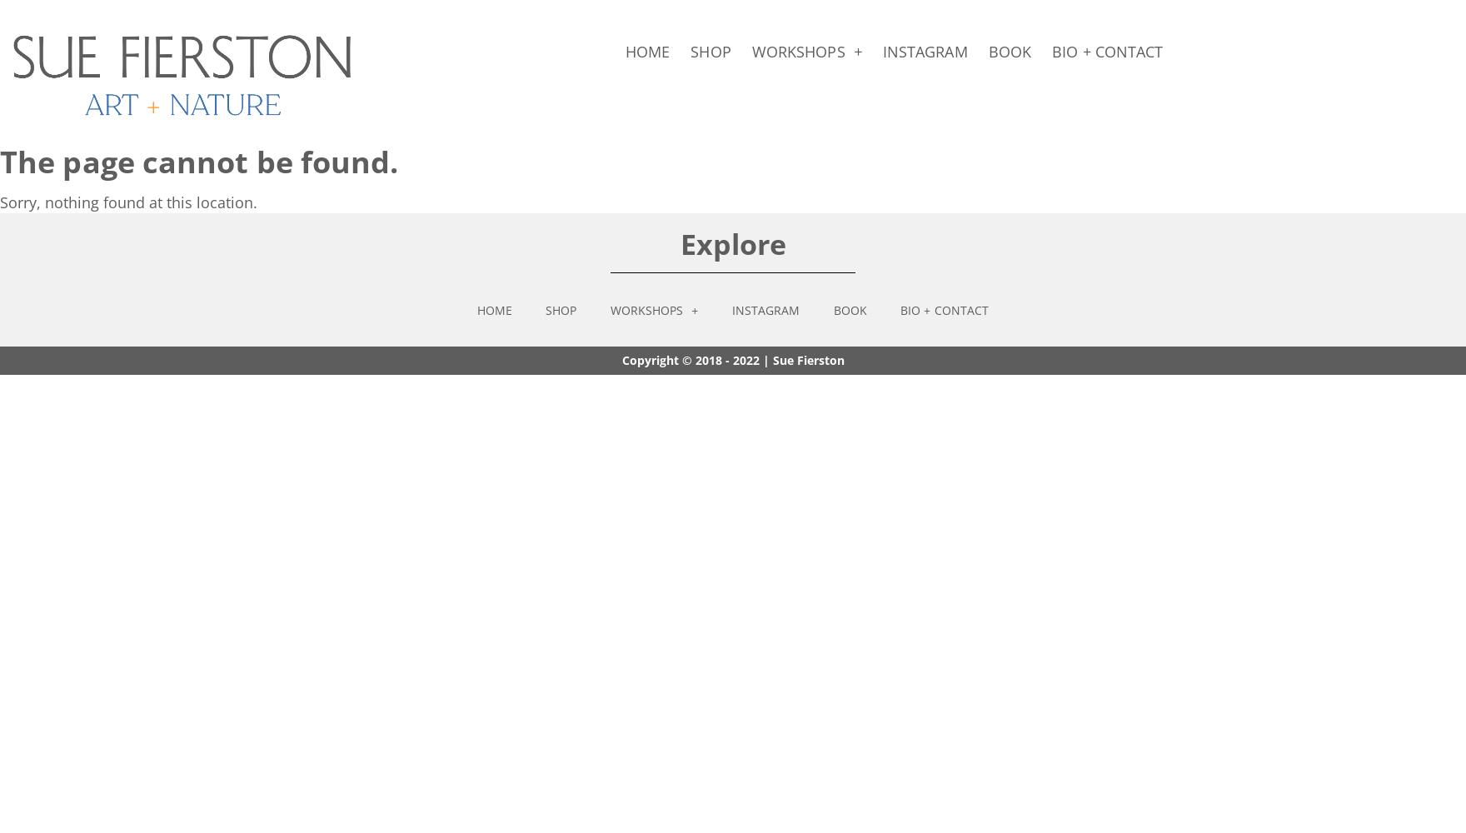 The image size is (1466, 833). Describe the element at coordinates (731, 244) in the screenshot. I see `'Explore'` at that location.